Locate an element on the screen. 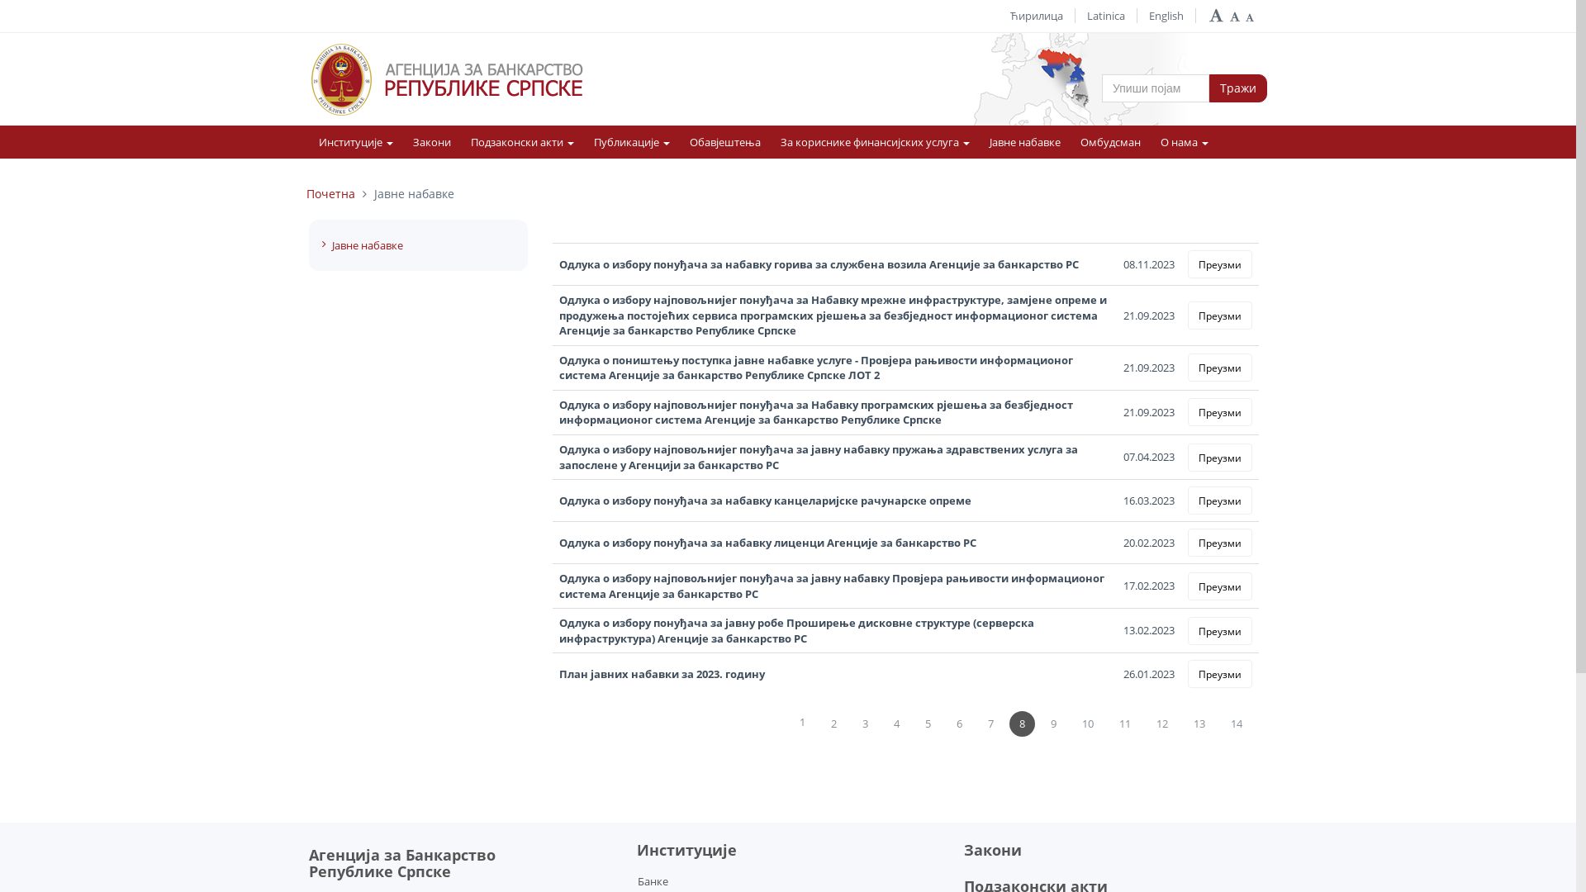  'English' is located at coordinates (1148, 16).